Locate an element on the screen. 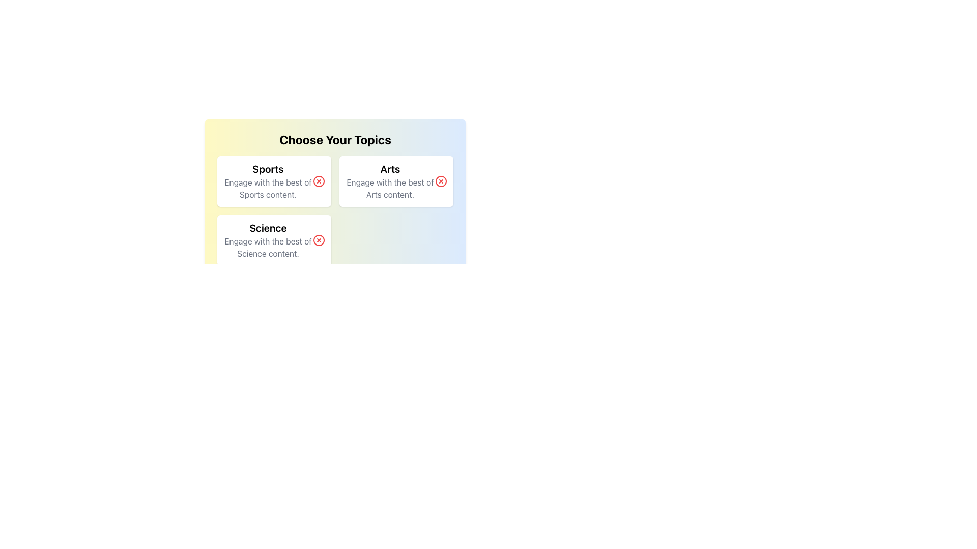  the Interactive card labeled 'Arts' which contains the description 'Engage with the best of Arts content.' This card is the second one in a grid layout, positioned to the right of the 'Sports' card is located at coordinates (395, 181).